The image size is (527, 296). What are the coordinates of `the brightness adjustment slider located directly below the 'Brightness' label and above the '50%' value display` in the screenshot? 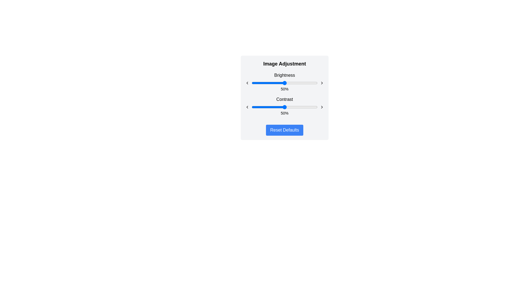 It's located at (284, 83).